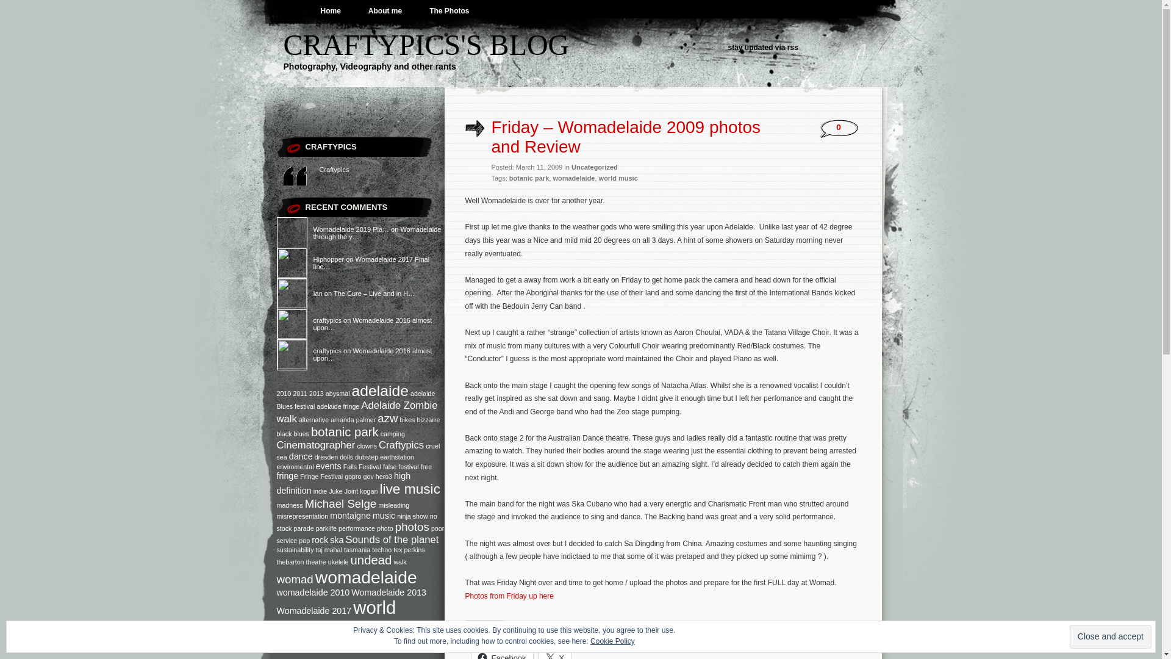 This screenshot has height=659, width=1171. What do you see at coordinates (409, 550) in the screenshot?
I see `'tex perkins'` at bounding box center [409, 550].